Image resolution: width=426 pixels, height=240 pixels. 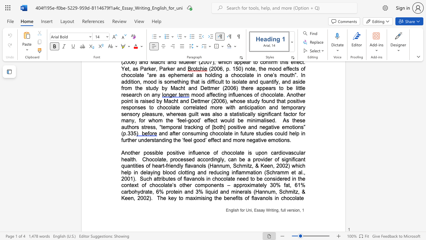 I want to click on the subset text "s in" within the text "The key to maximising the benefits of flavanols in chocolate", so click(x=270, y=198).